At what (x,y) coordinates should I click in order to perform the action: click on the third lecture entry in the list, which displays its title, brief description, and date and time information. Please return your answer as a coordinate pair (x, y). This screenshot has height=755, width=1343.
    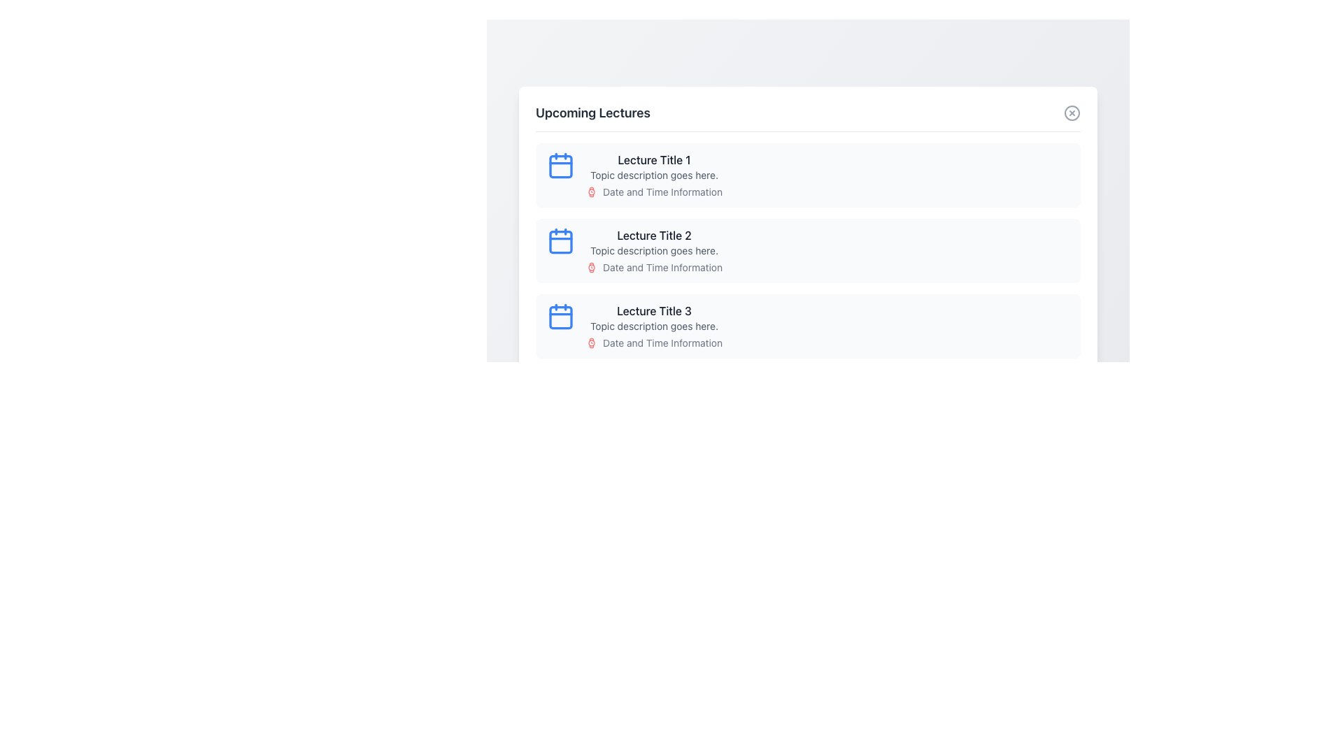
    Looking at the image, I should click on (808, 326).